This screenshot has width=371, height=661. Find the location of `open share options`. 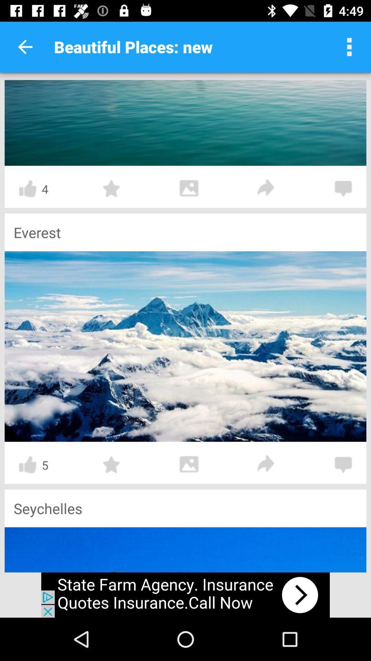

open share options is located at coordinates (266, 189).